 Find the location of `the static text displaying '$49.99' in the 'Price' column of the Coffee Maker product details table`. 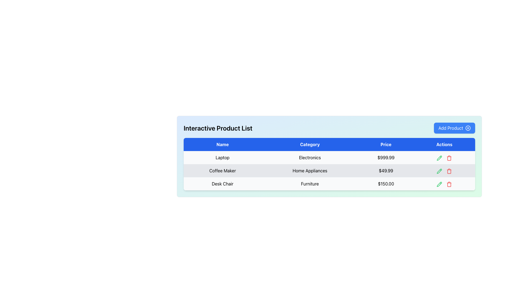

the static text displaying '$49.99' in the 'Price' column of the Coffee Maker product details table is located at coordinates (386, 170).